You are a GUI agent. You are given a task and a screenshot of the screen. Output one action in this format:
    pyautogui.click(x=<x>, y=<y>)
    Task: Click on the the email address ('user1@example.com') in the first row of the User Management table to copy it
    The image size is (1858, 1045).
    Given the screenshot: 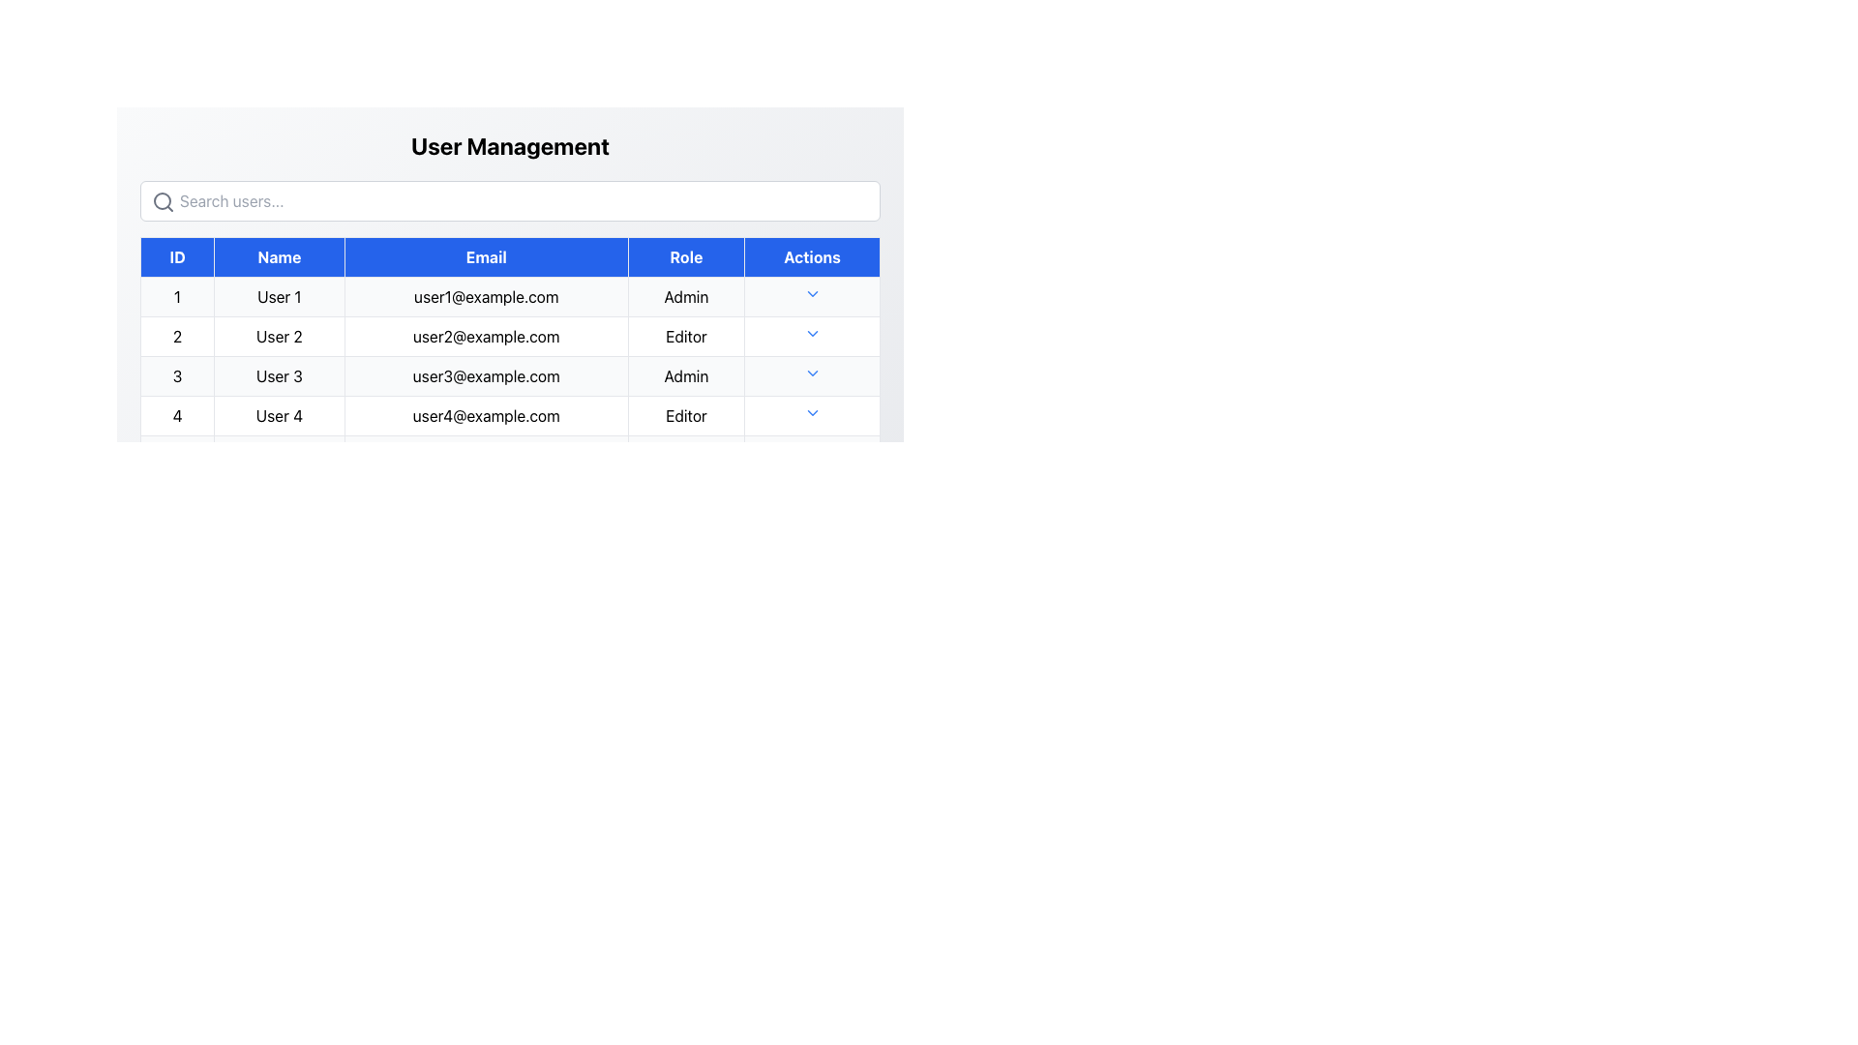 What is the action you would take?
    pyautogui.click(x=510, y=297)
    